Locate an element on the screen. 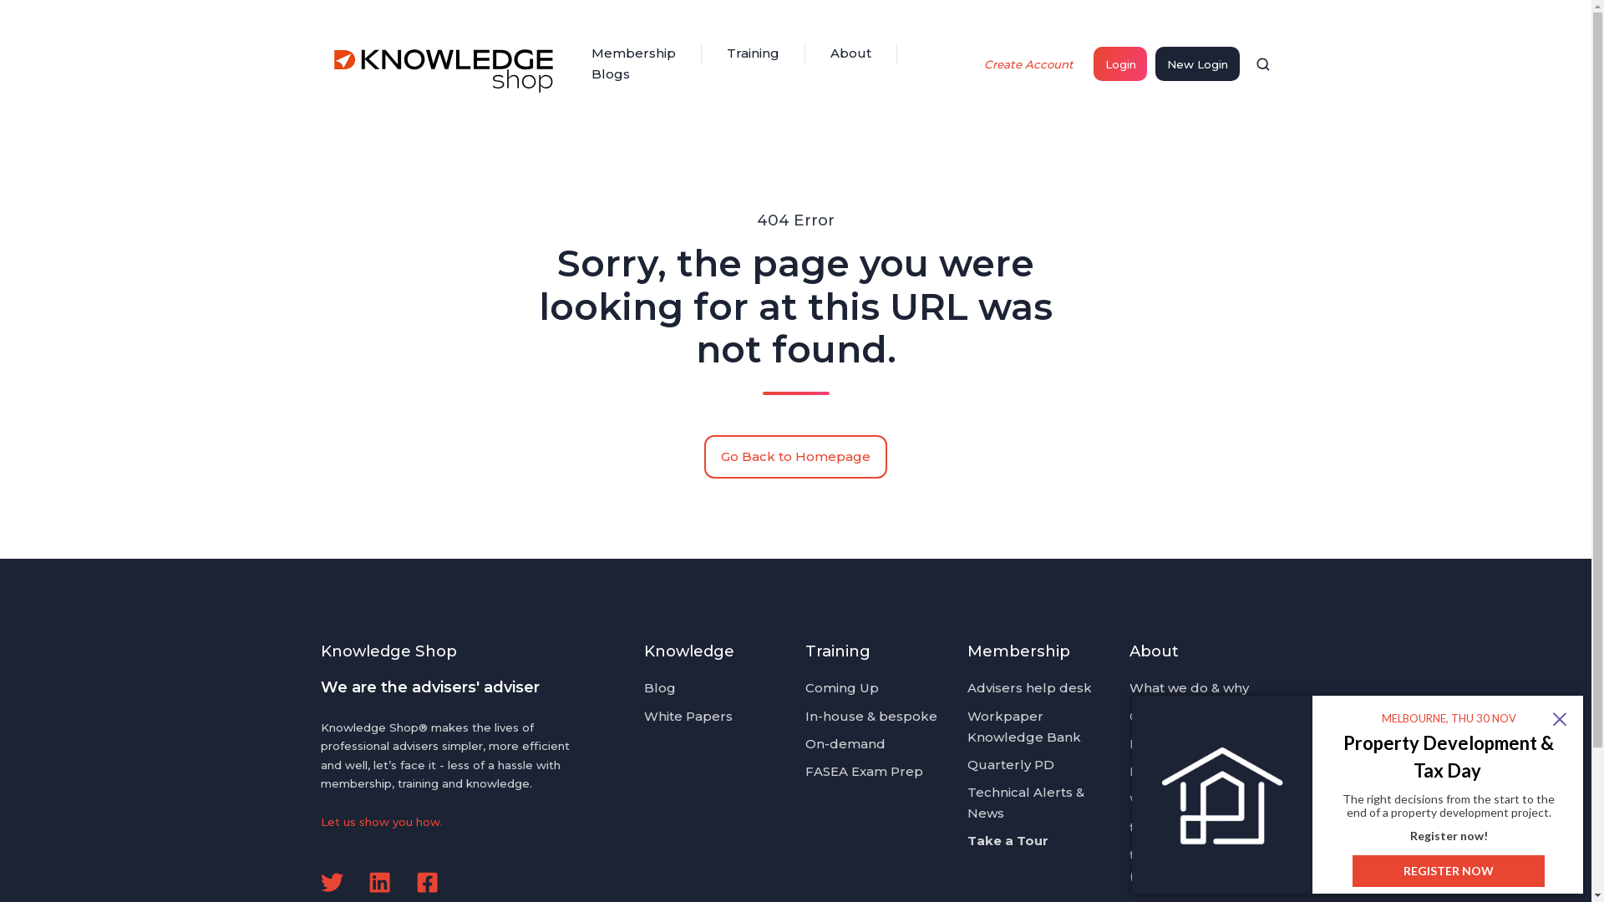  'Workpaper Knowledge Bank' is located at coordinates (1023, 726).